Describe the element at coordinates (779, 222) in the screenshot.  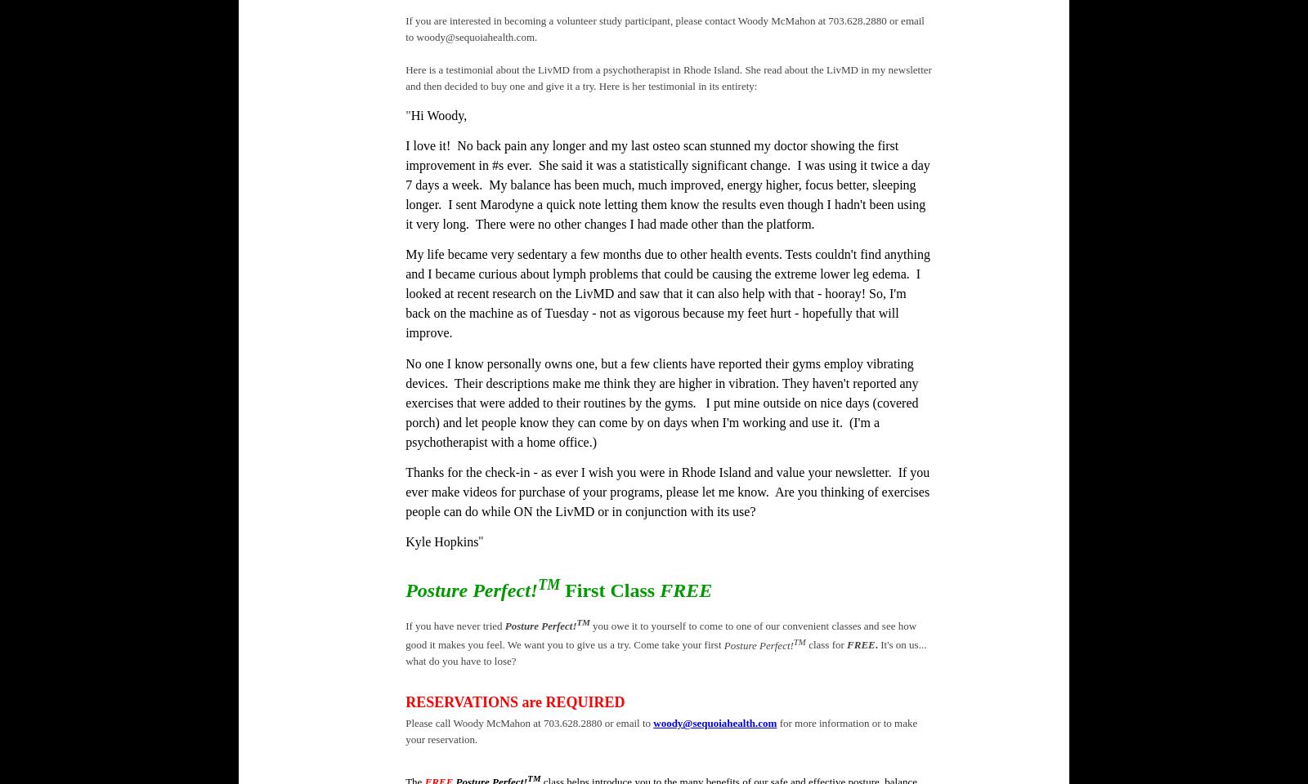
I see `'the platform.'` at that location.